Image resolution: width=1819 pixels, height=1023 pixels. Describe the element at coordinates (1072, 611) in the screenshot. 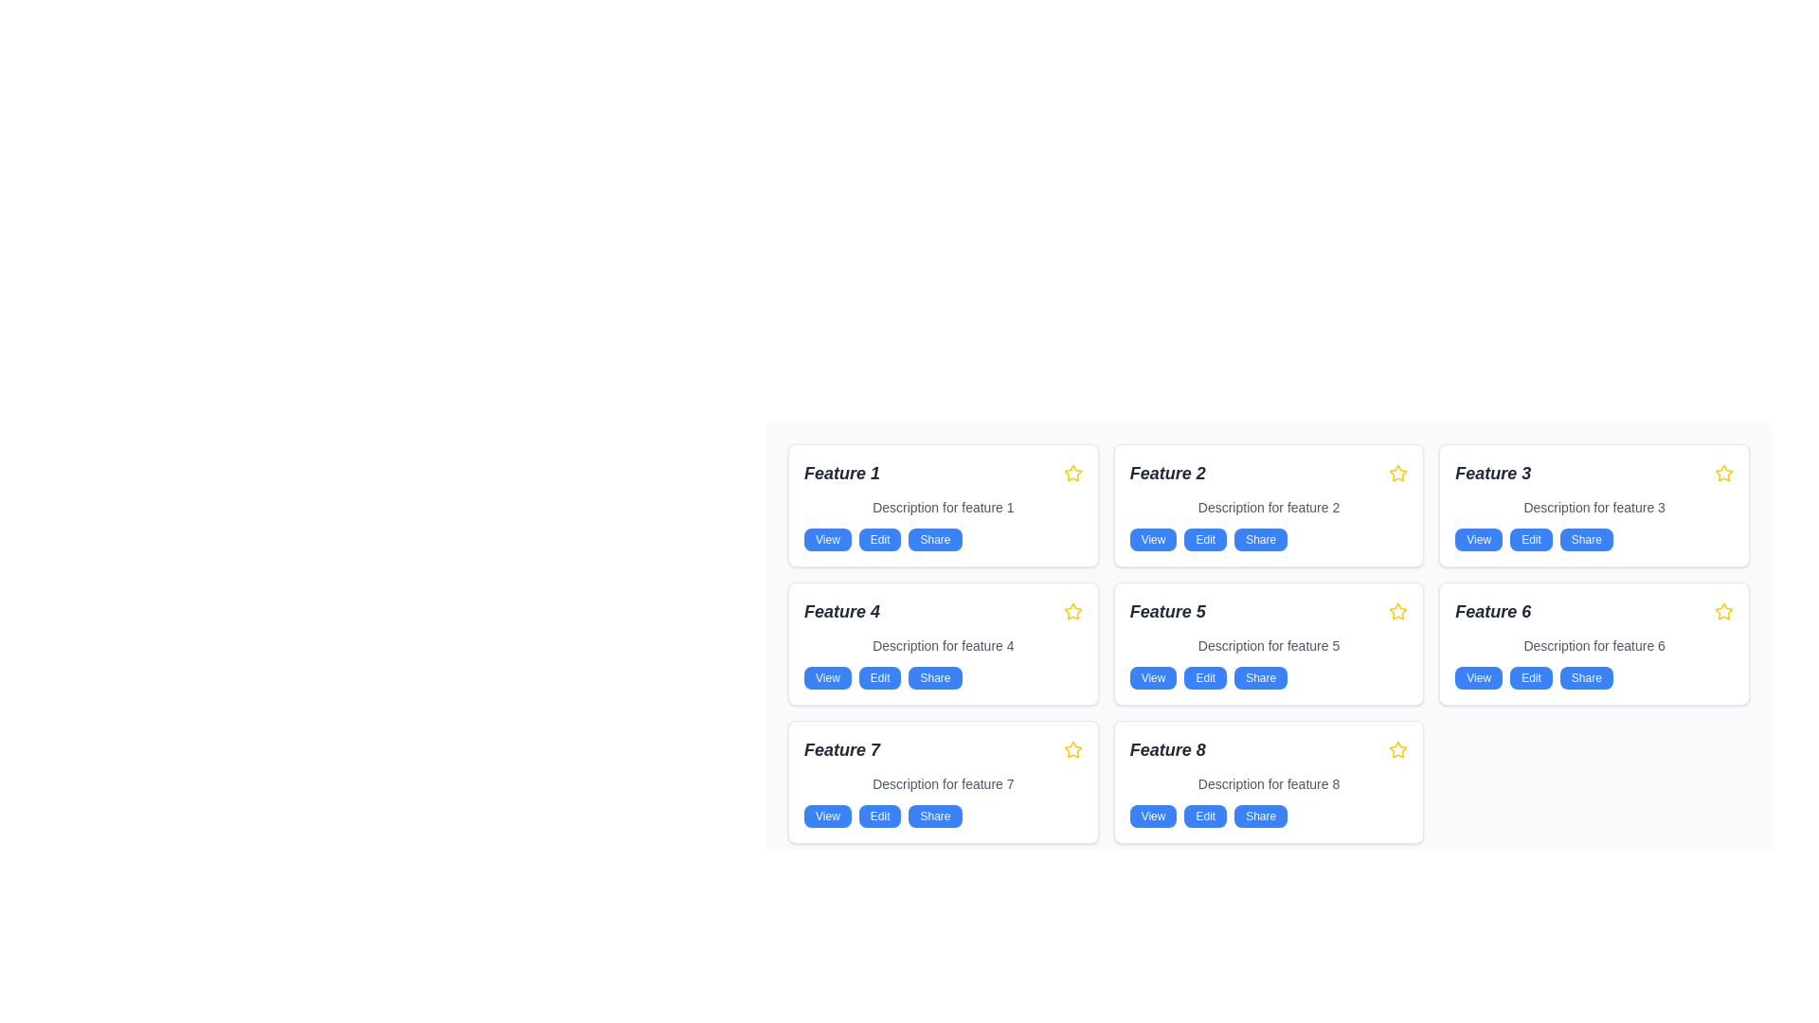

I see `the star-shaped icon with a hollow center and yellow color located in the top-right corner of the 'Feature 4' card` at that location.